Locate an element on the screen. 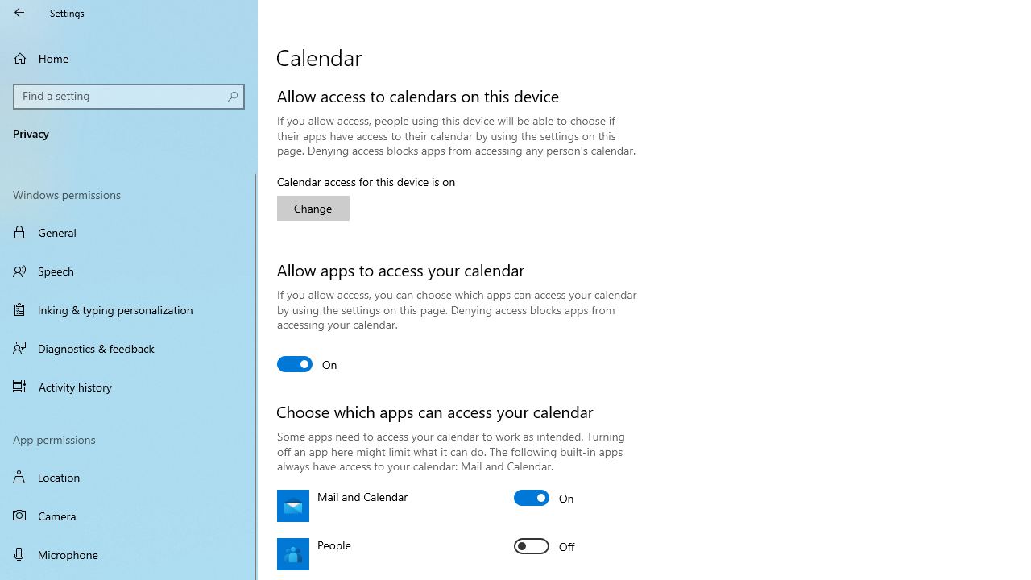 This screenshot has height=580, width=1031. 'General' is located at coordinates (129, 232).